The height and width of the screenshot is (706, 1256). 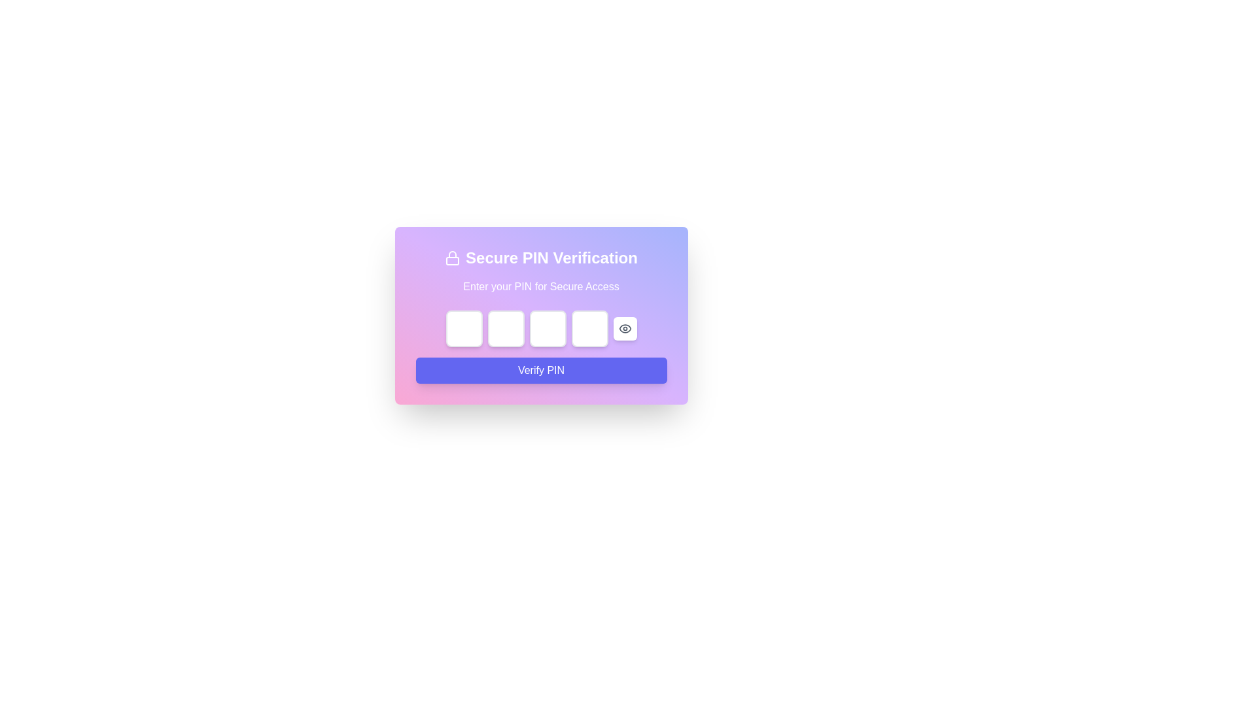 I want to click on the static body of the lock icon, which is a rectangular element positioned at the bottom part of the lock icon, so click(x=453, y=261).